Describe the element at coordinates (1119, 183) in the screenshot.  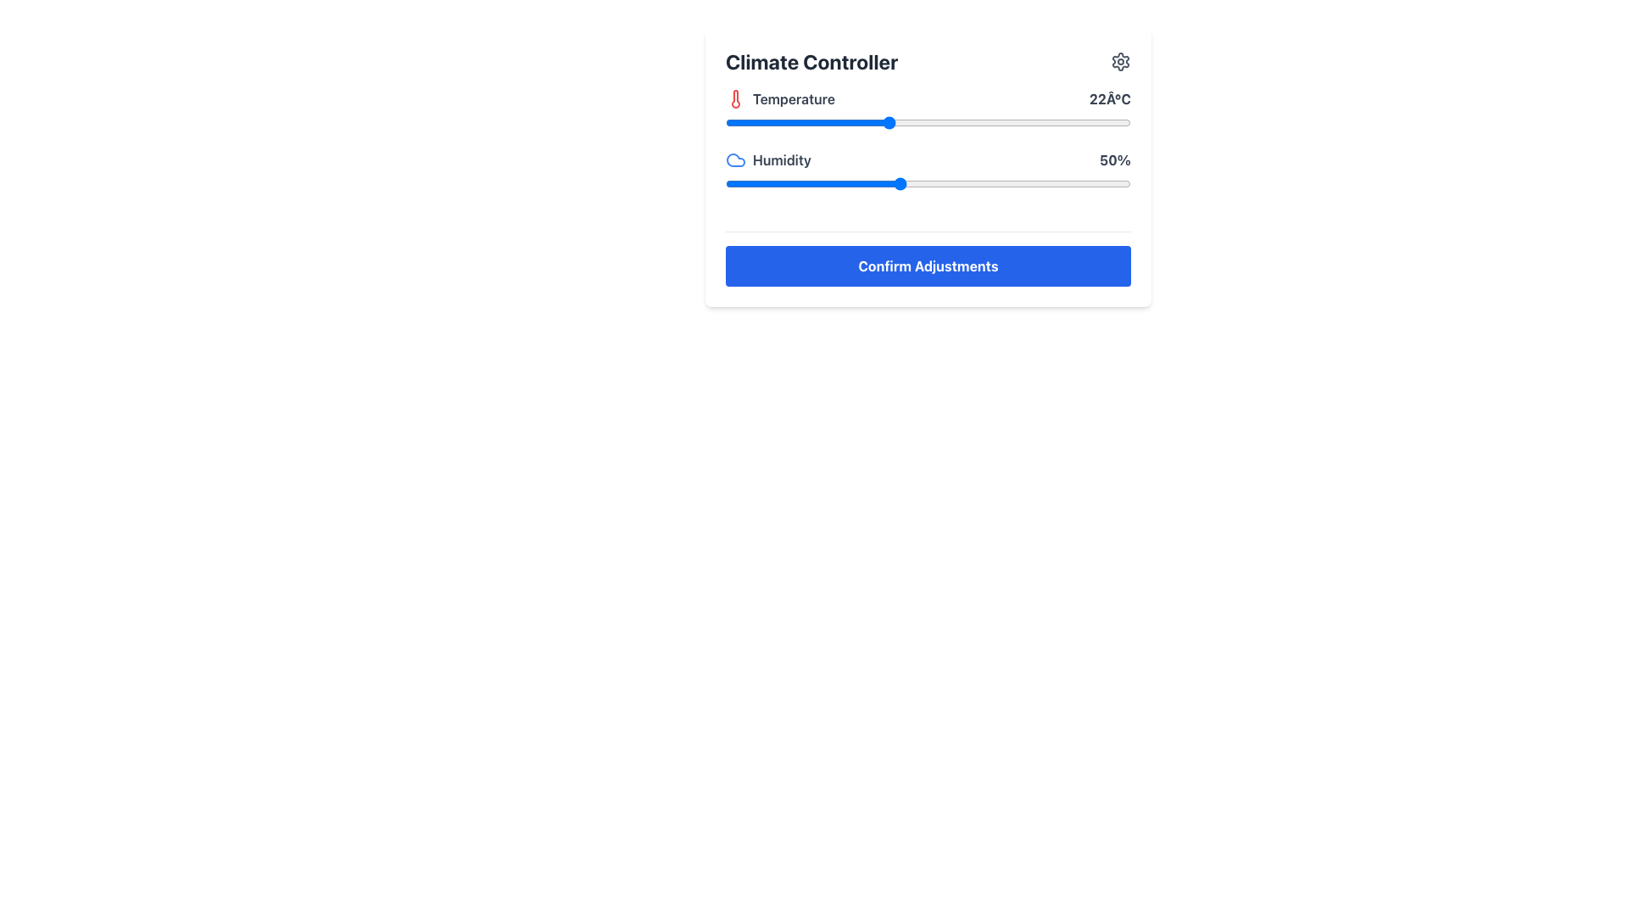
I see `humidity` at that location.